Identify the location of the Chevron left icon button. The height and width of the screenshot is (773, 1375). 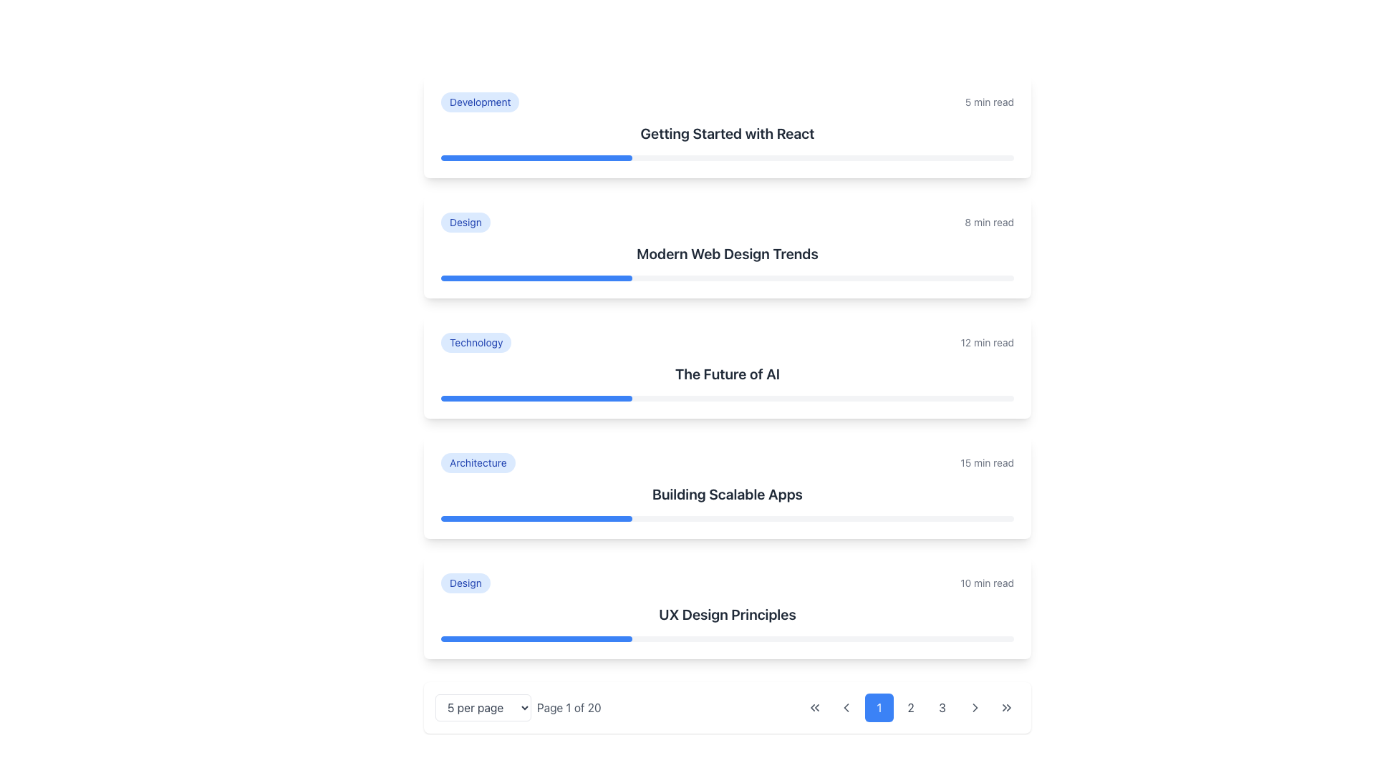
(846, 706).